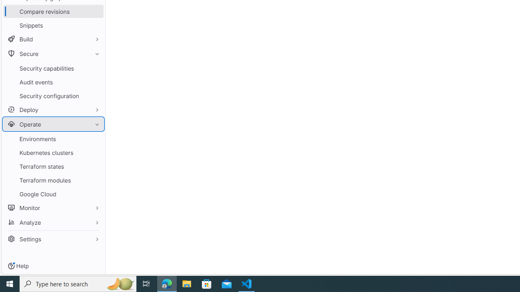 This screenshot has width=520, height=292. I want to click on 'Kubernetes clusters', so click(53, 152).